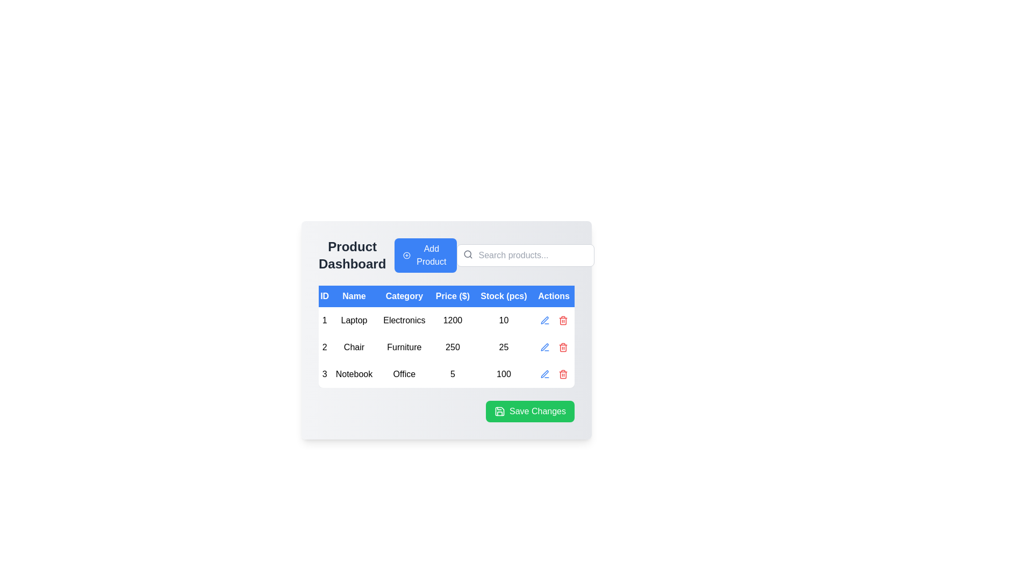 This screenshot has height=581, width=1032. Describe the element at coordinates (503, 320) in the screenshot. I see `displayed text in the Text Display for the product 'Laptop' located in the fifth column labeled 'Stock (pcs)' of the table` at that location.